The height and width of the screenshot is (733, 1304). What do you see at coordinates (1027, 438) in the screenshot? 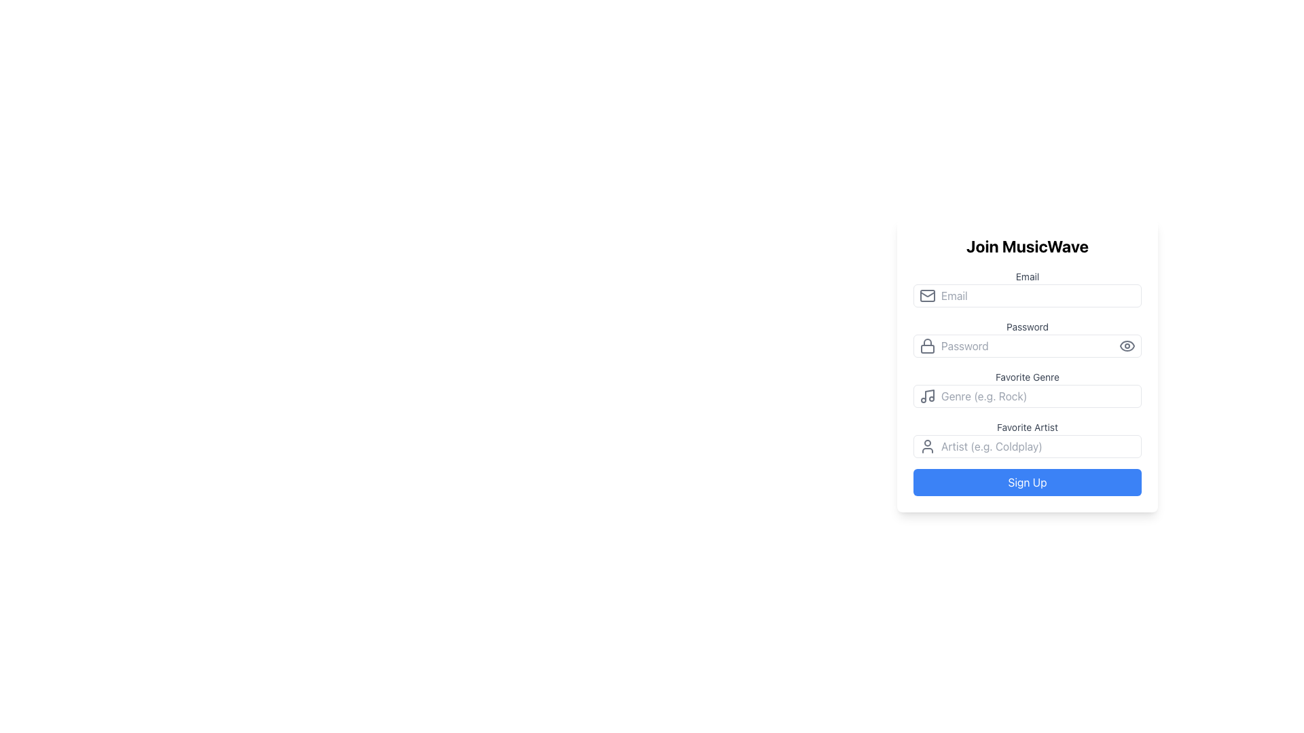
I see `the Text Input Field for entering the favorite artist's name, which has a placeholder text 'Artist (e.g. Coldplay)'` at bounding box center [1027, 438].